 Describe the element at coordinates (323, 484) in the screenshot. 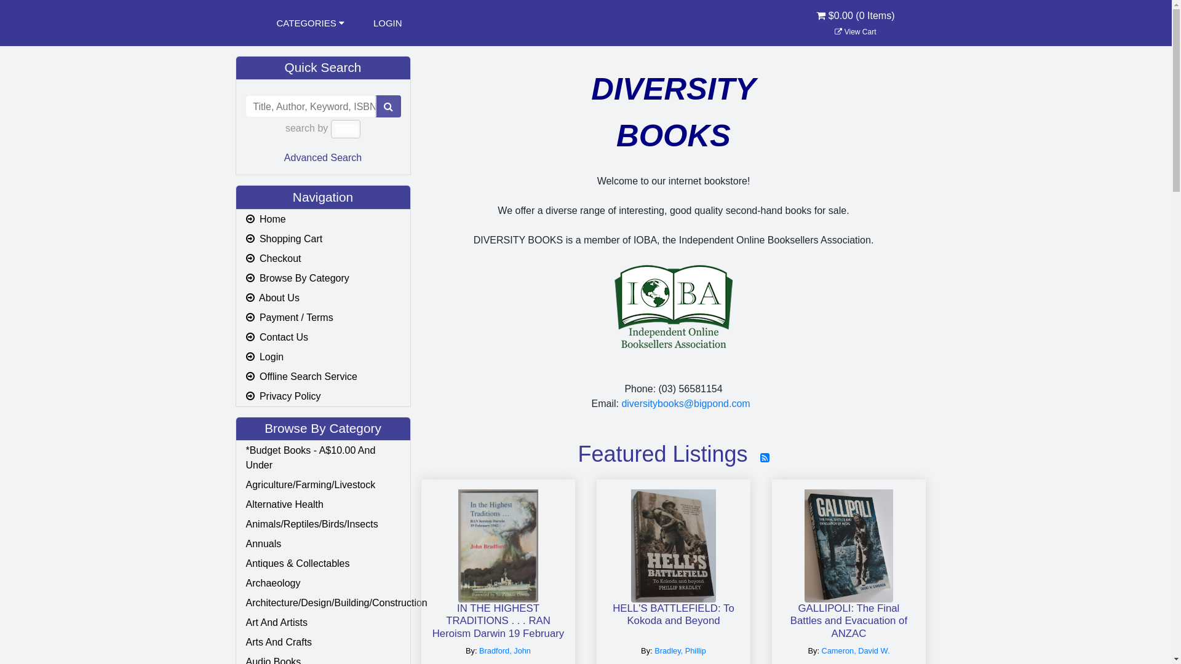

I see `'Agriculture/Farming/Livestock'` at that location.